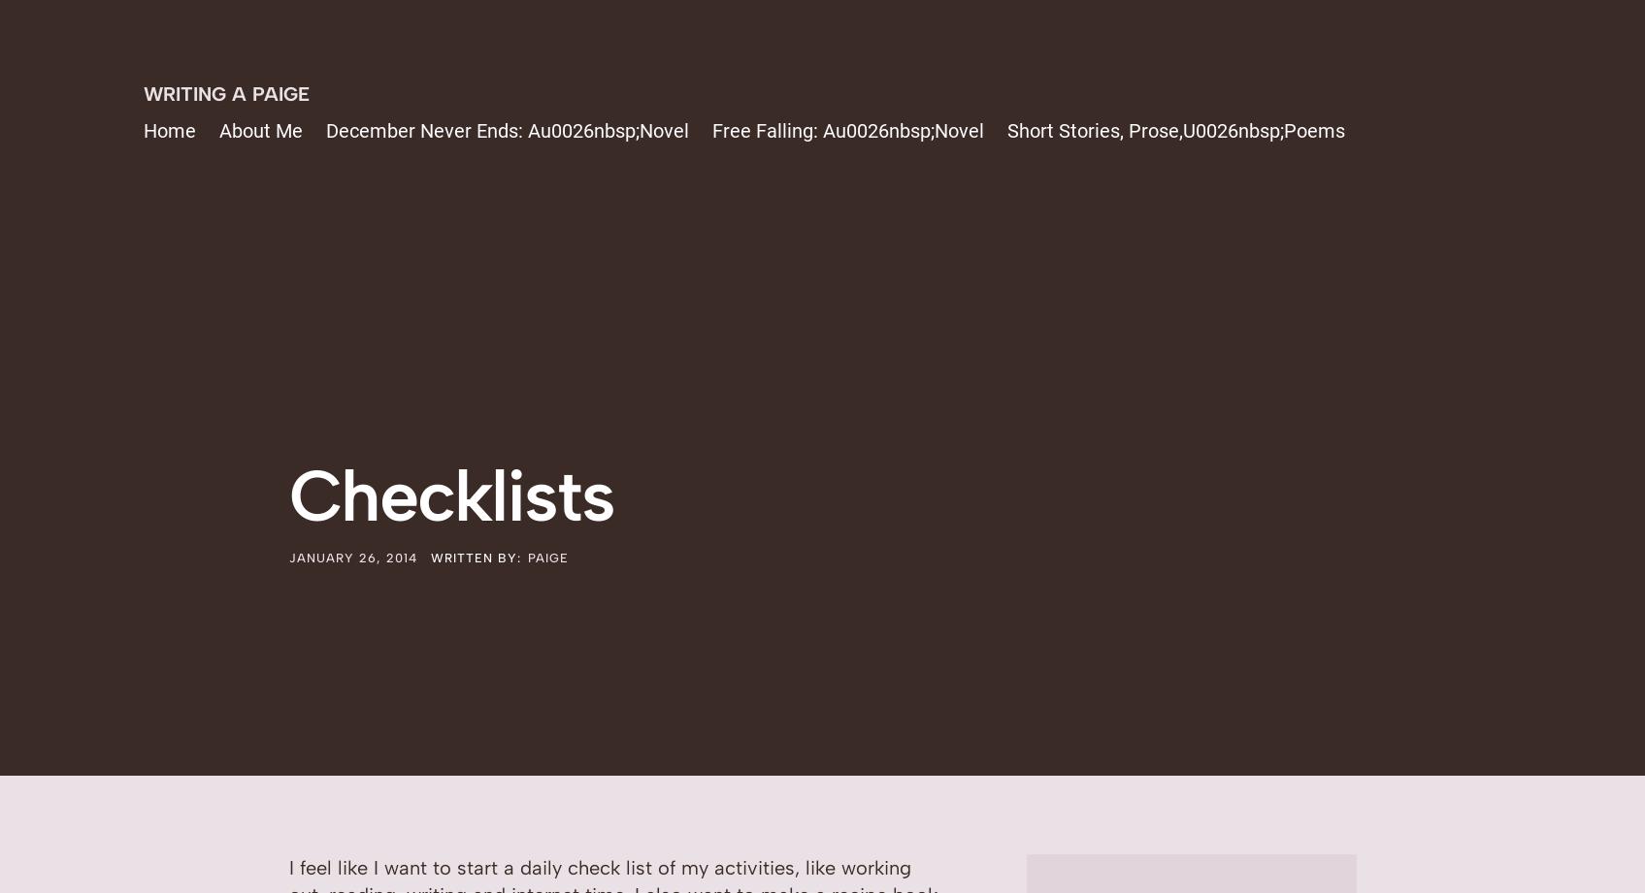 Image resolution: width=1645 pixels, height=893 pixels. I want to click on 'Checklists', so click(449, 494).